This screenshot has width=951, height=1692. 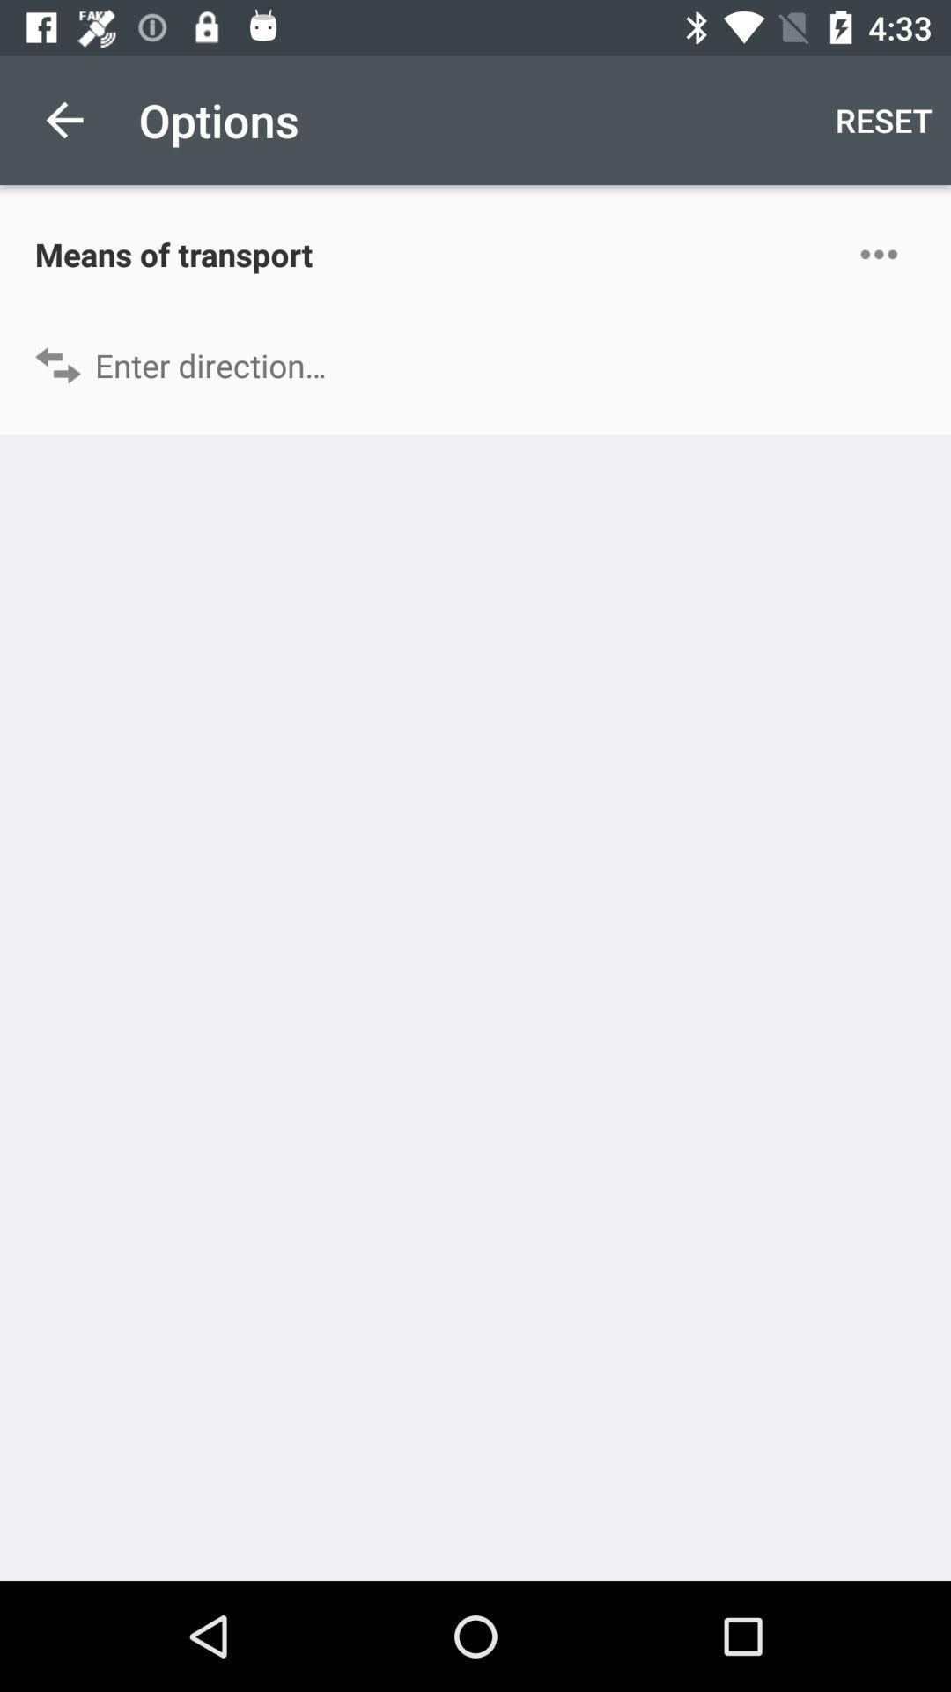 What do you see at coordinates (63, 119) in the screenshot?
I see `icon next to the options app` at bounding box center [63, 119].